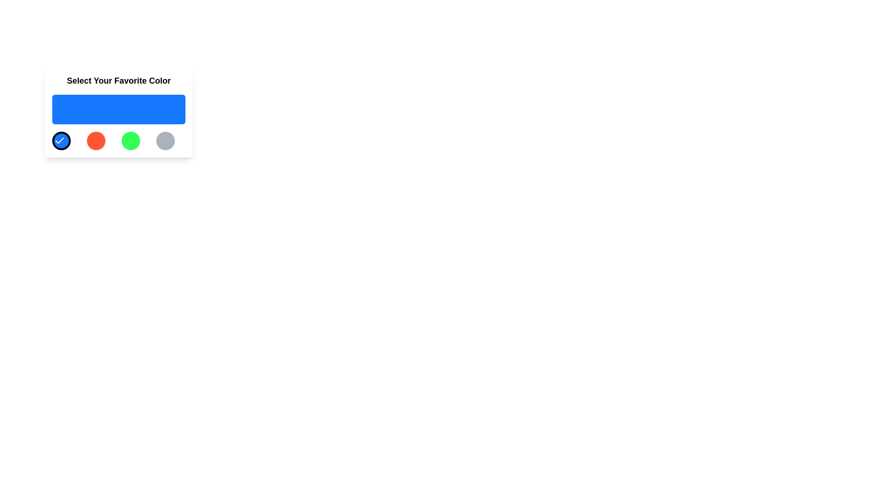 The image size is (888, 499). What do you see at coordinates (59, 140) in the screenshot?
I see `the checkmark icon inside the blue circular button located in the bottom-left corner of a grid of circular buttons` at bounding box center [59, 140].